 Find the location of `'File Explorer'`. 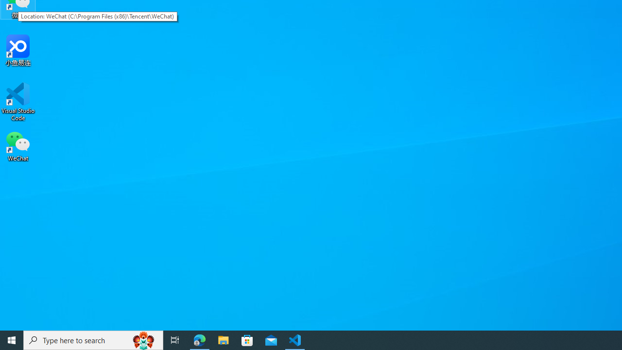

'File Explorer' is located at coordinates (223, 339).